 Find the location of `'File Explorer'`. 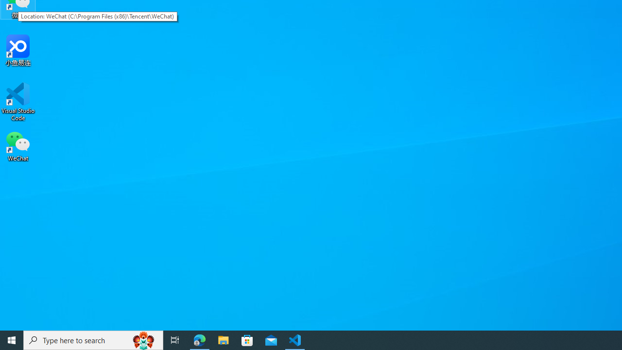

'File Explorer' is located at coordinates (223, 339).